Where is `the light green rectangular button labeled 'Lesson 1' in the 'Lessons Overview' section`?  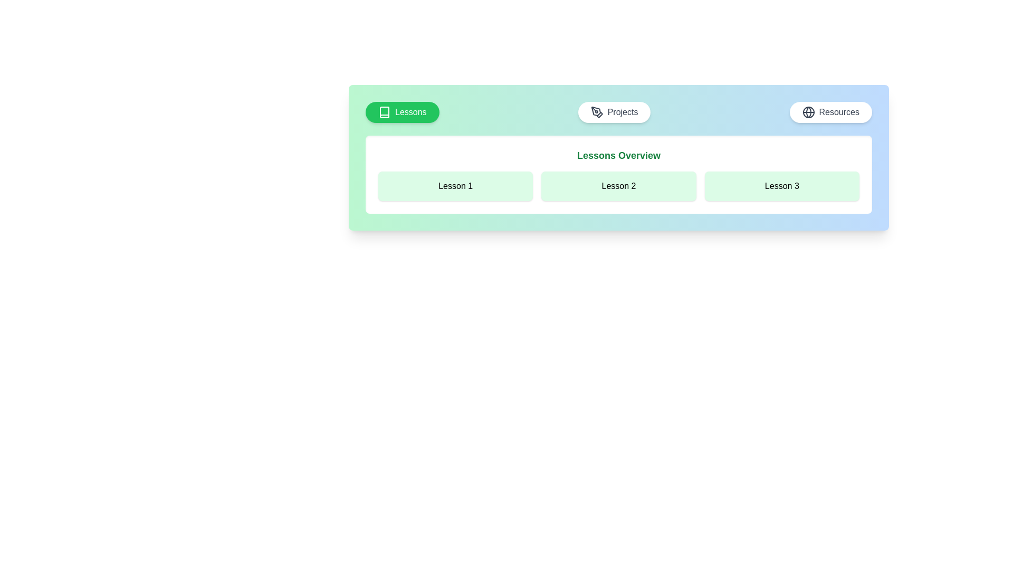 the light green rectangular button labeled 'Lesson 1' in the 'Lessons Overview' section is located at coordinates (455, 186).